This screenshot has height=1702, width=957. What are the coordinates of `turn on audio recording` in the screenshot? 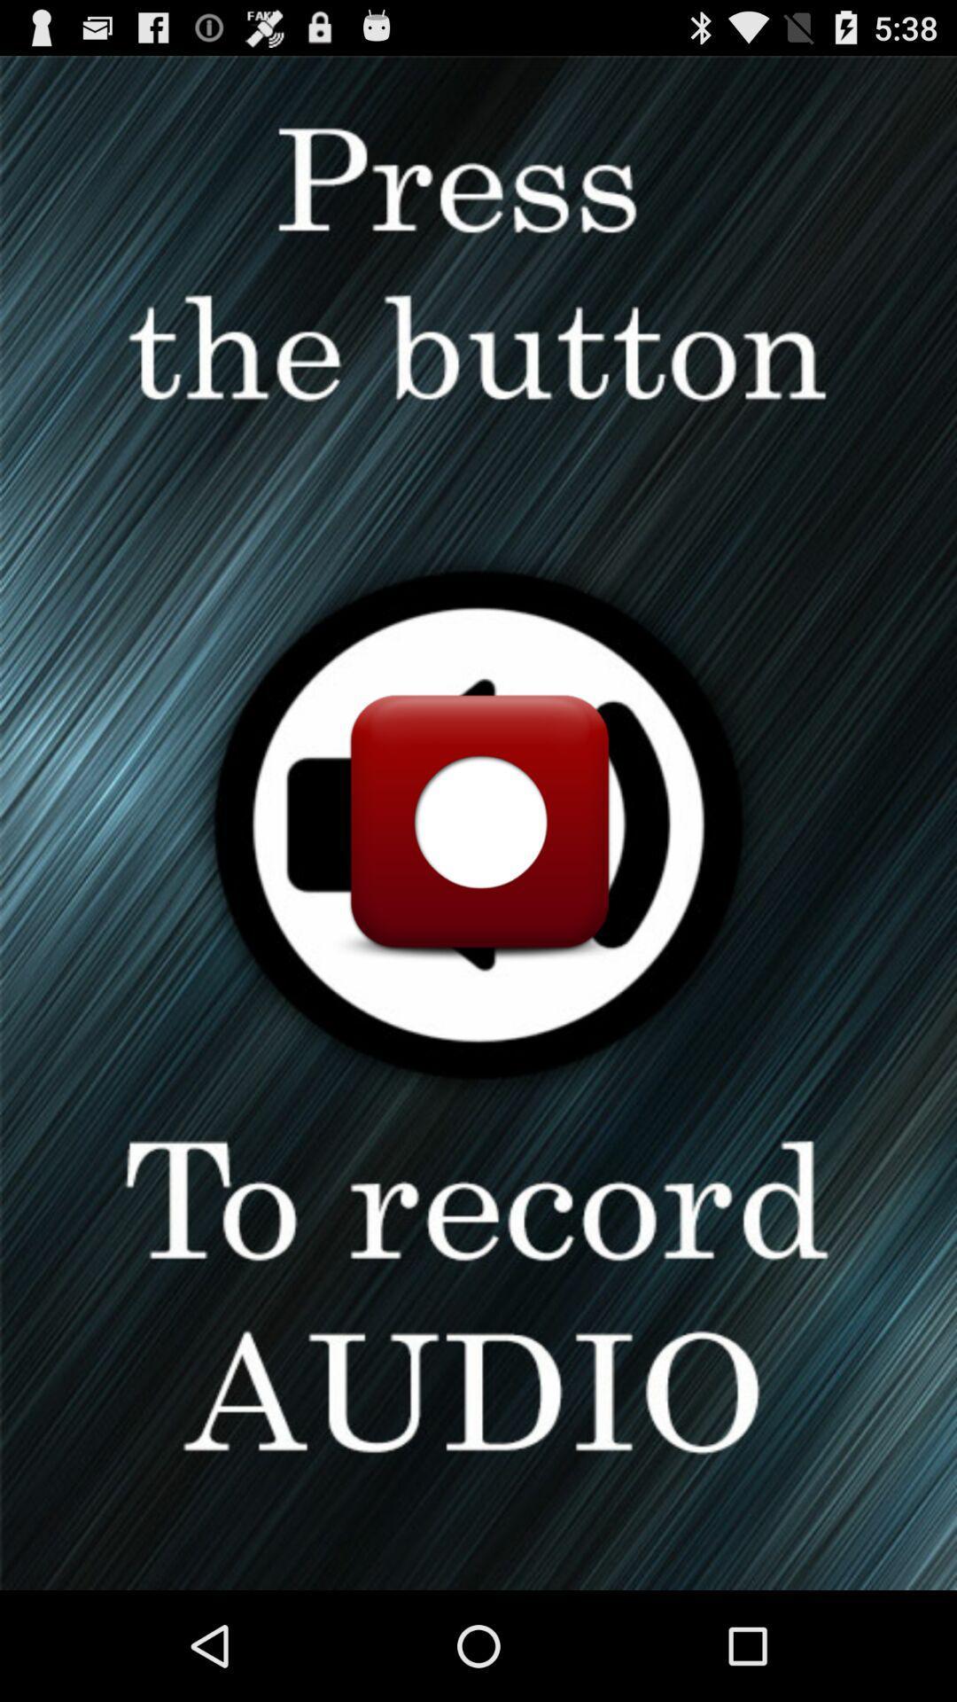 It's located at (478, 822).